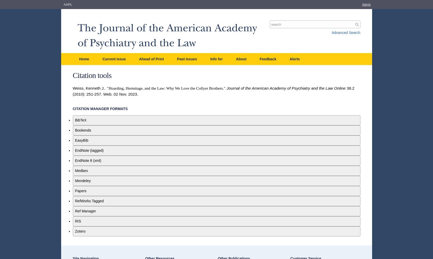 This screenshot has width=433, height=259. What do you see at coordinates (81, 171) in the screenshot?
I see `'Medlars'` at bounding box center [81, 171].